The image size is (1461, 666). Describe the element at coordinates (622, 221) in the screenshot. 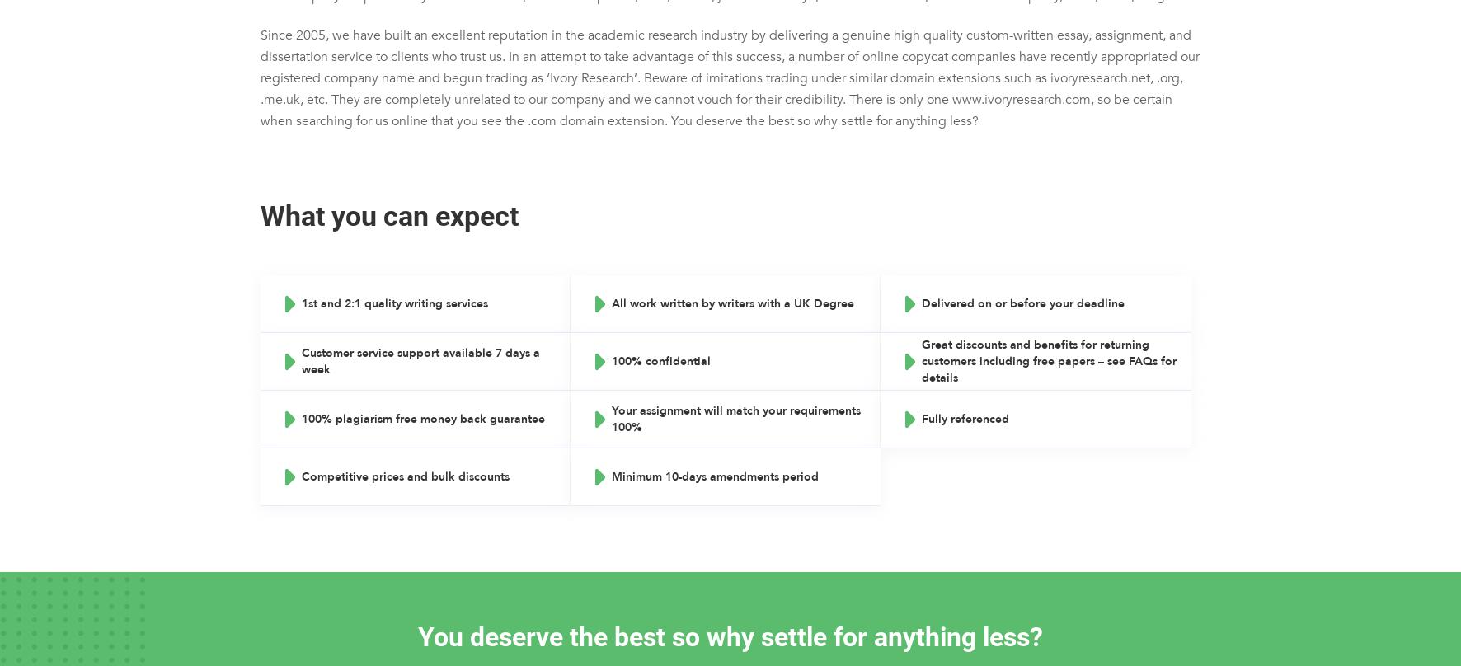

I see `'PowerPoint Presentations'` at that location.